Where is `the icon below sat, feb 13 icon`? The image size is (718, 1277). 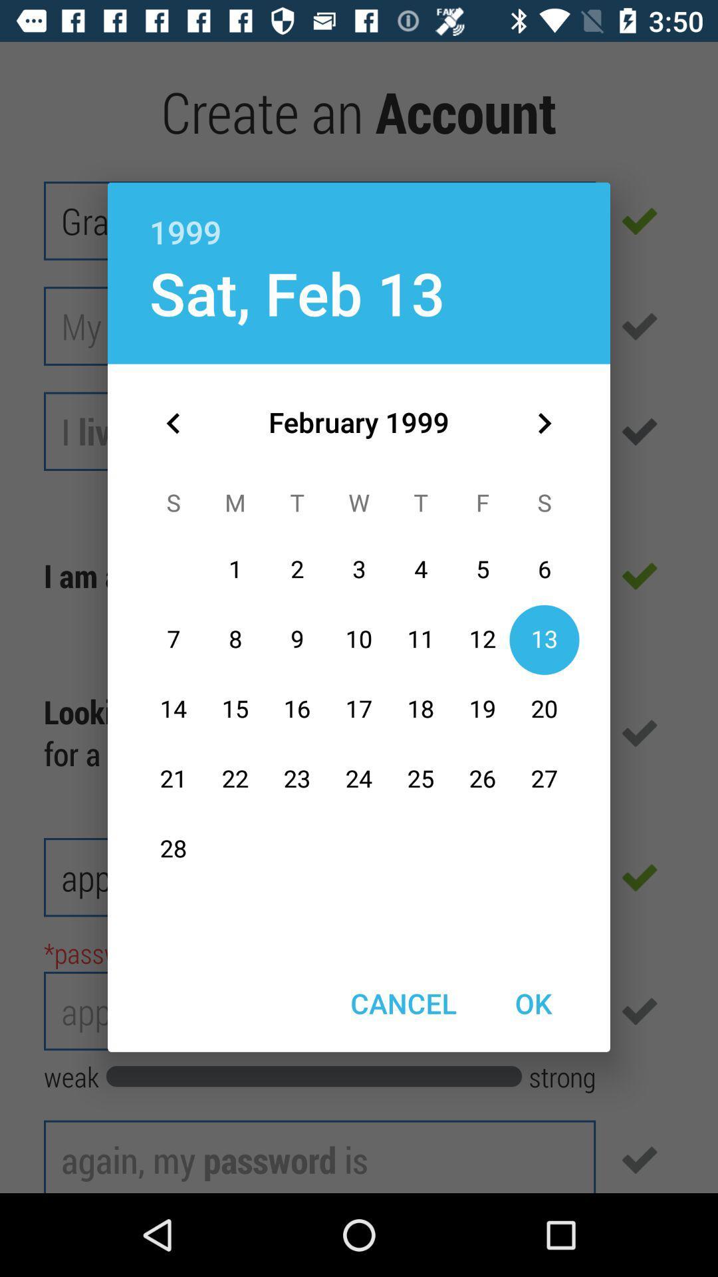 the icon below sat, feb 13 icon is located at coordinates (173, 422).